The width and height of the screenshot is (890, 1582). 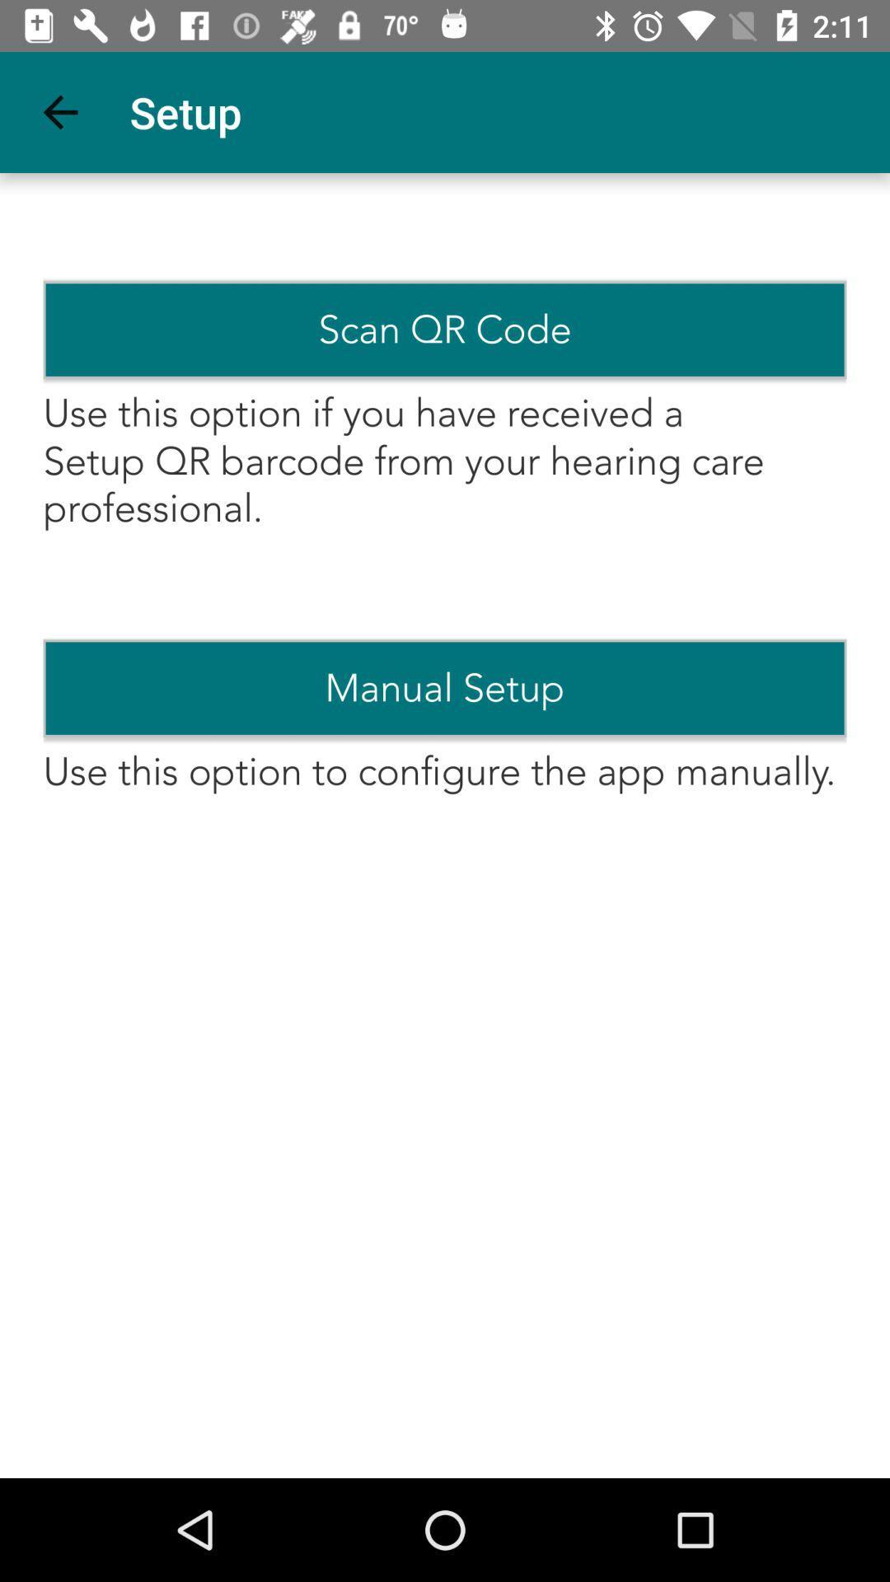 What do you see at coordinates (59, 111) in the screenshot?
I see `the item next to setup` at bounding box center [59, 111].